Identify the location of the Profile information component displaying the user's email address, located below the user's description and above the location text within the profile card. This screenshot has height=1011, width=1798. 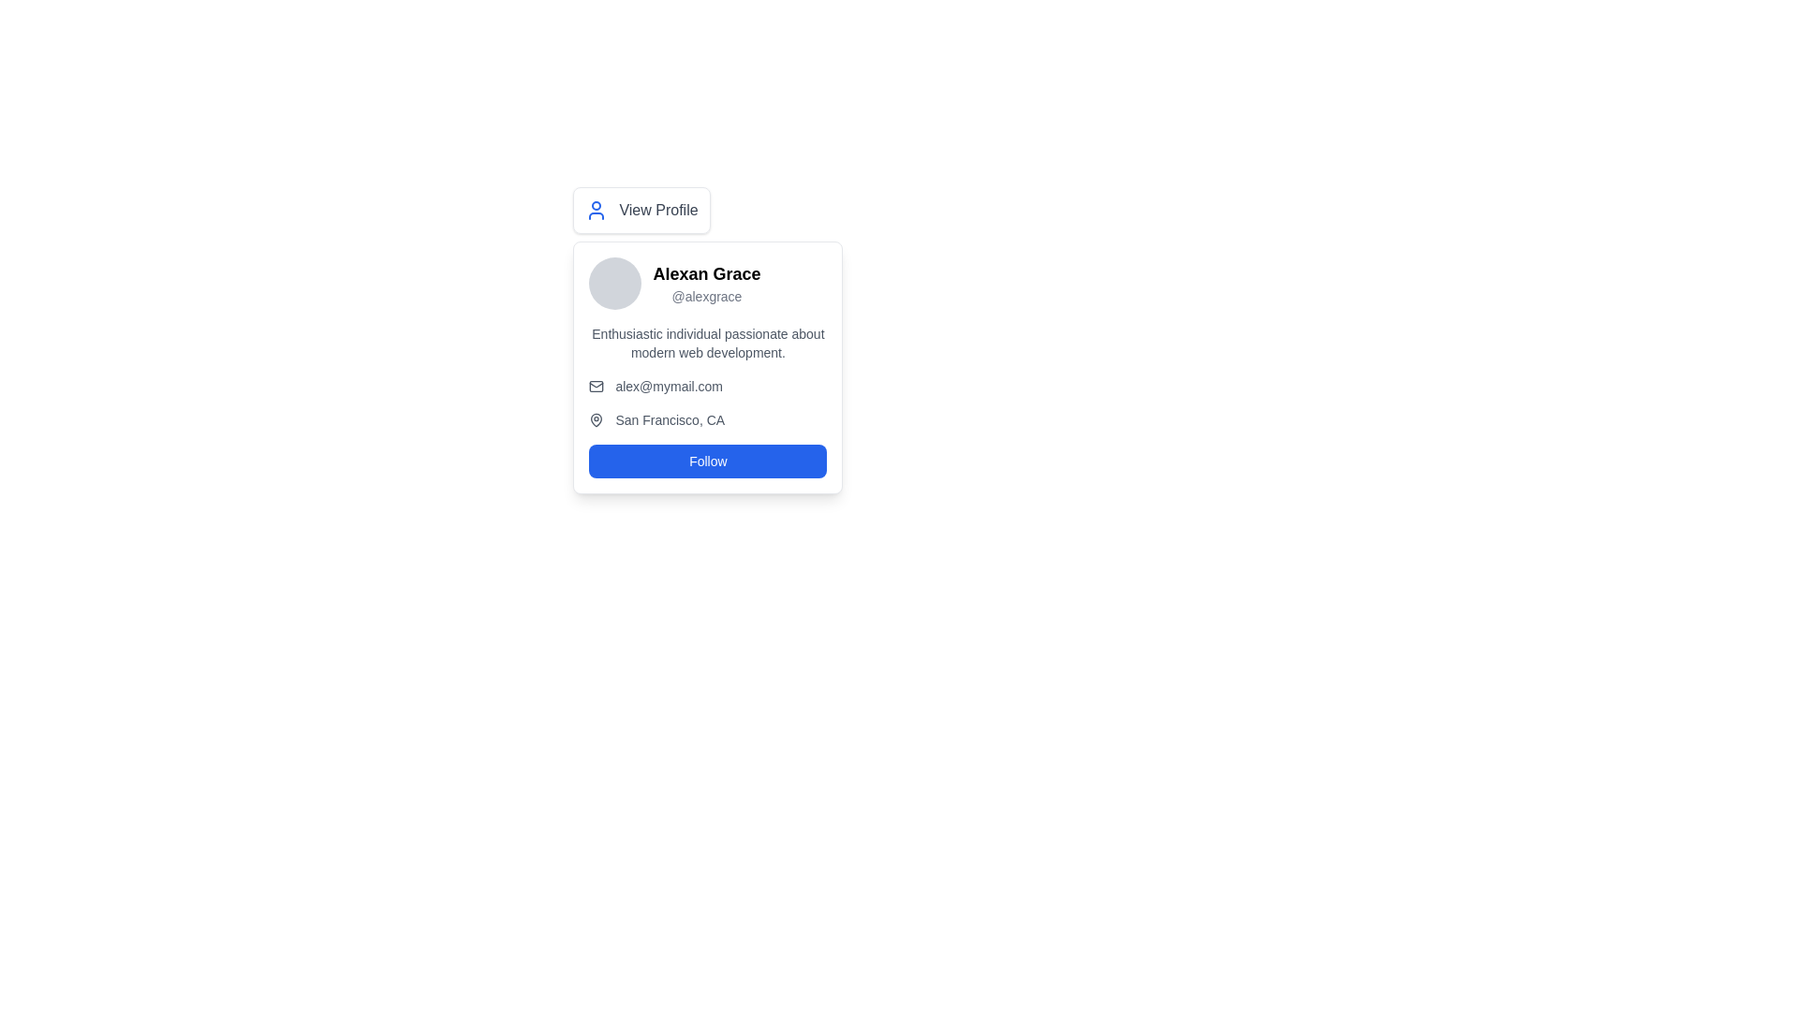
(707, 385).